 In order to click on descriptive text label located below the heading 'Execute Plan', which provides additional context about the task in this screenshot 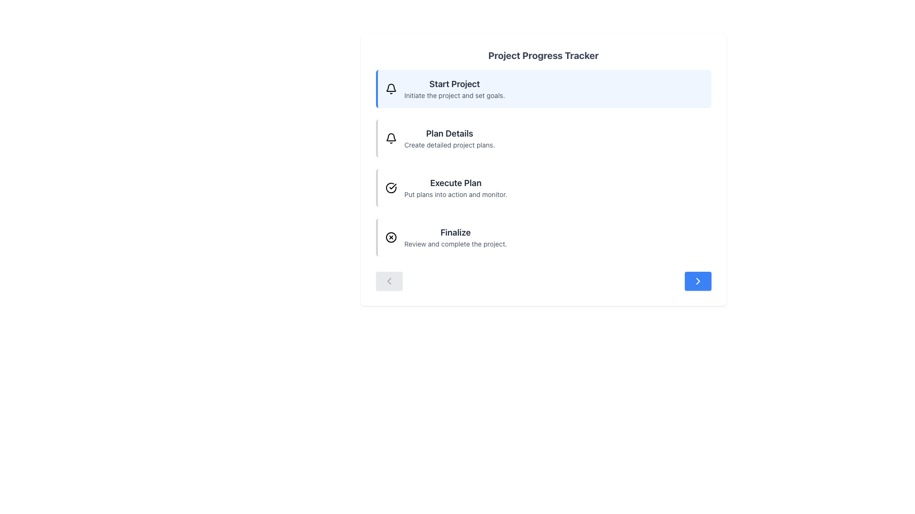, I will do `click(455, 194)`.